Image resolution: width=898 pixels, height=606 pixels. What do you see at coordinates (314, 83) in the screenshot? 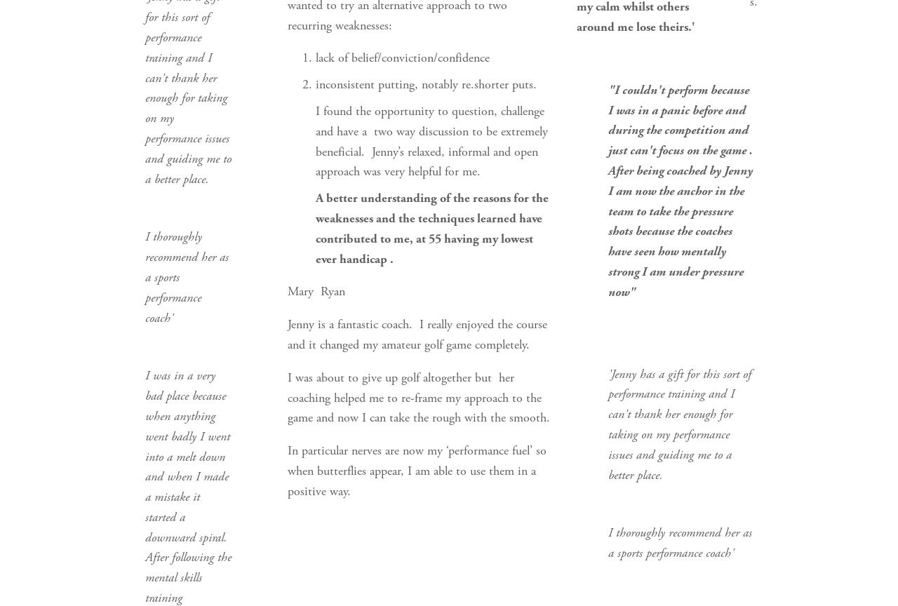
I see `'inconsistent putting, notably re.shorter puts.'` at bounding box center [314, 83].